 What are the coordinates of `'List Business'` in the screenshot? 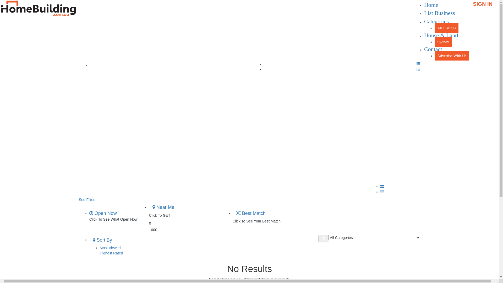 It's located at (440, 13).